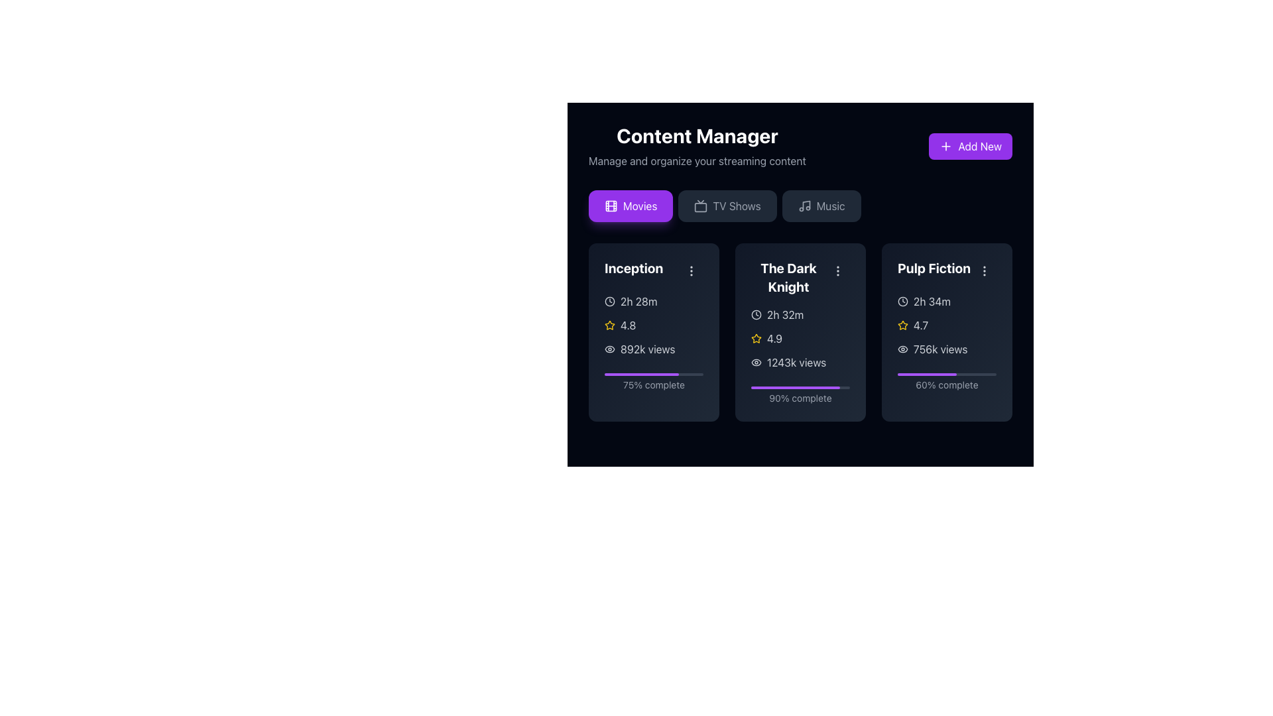 The image size is (1273, 716). Describe the element at coordinates (946, 302) in the screenshot. I see `the runtime or duration label for the movie 'Pulp Fiction', located at the upper section of its card, specifically in the first information row` at that location.